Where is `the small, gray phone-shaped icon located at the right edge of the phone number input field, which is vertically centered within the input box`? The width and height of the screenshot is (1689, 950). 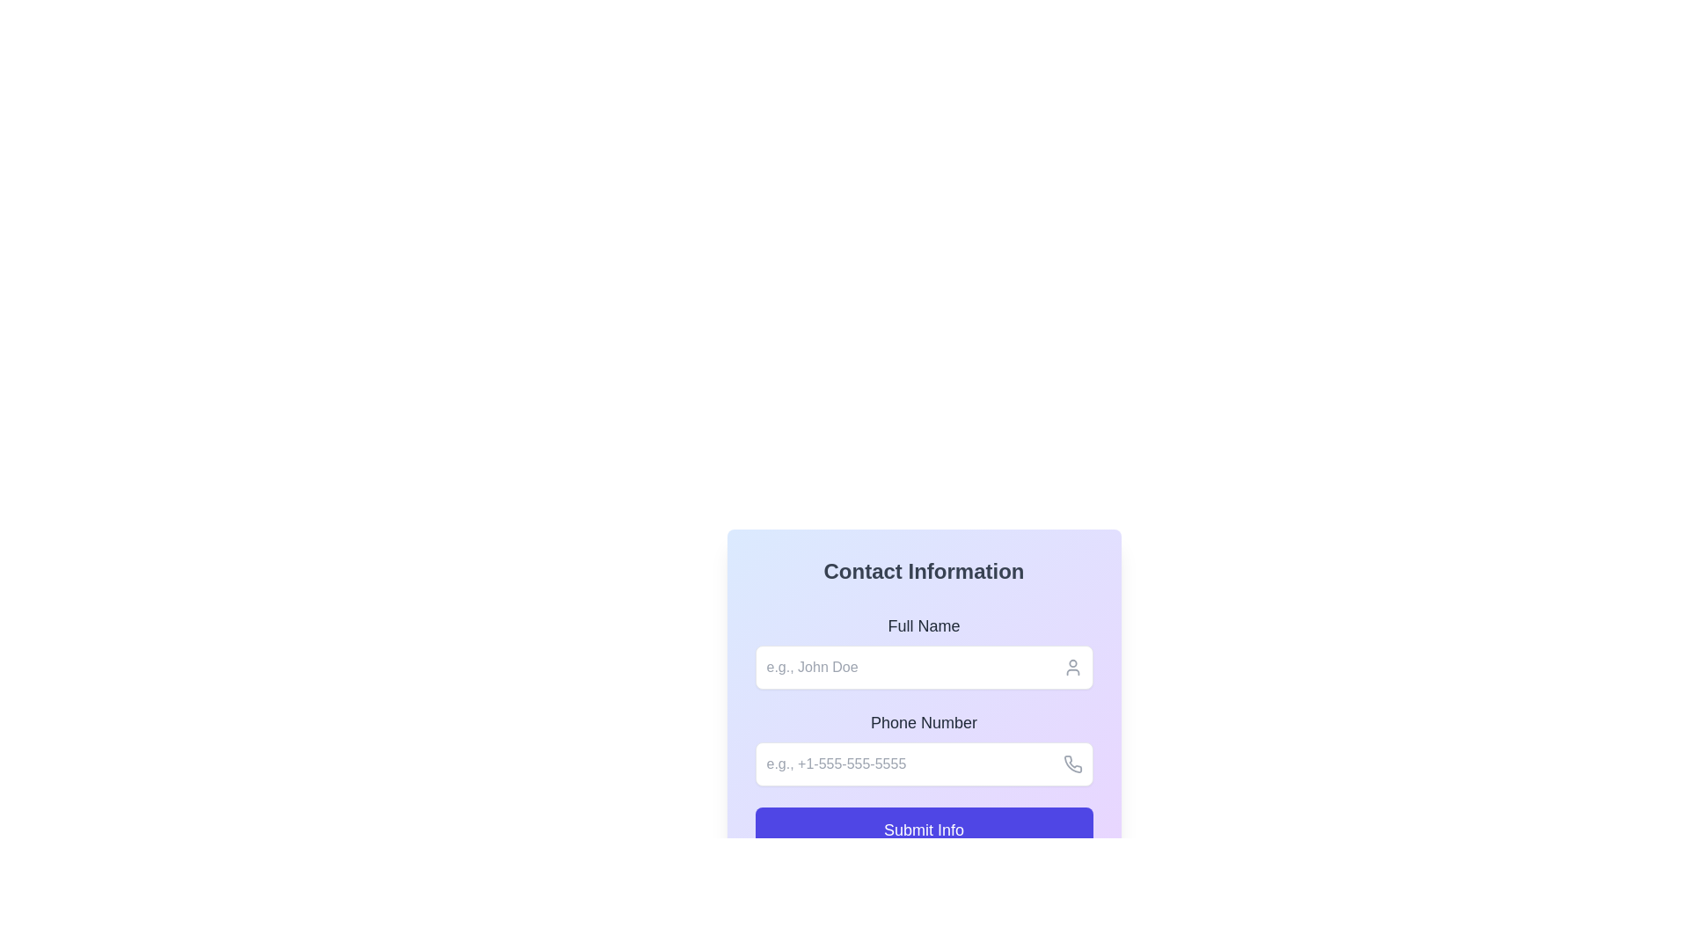 the small, gray phone-shaped icon located at the right edge of the phone number input field, which is vertically centered within the input box is located at coordinates (1071, 763).